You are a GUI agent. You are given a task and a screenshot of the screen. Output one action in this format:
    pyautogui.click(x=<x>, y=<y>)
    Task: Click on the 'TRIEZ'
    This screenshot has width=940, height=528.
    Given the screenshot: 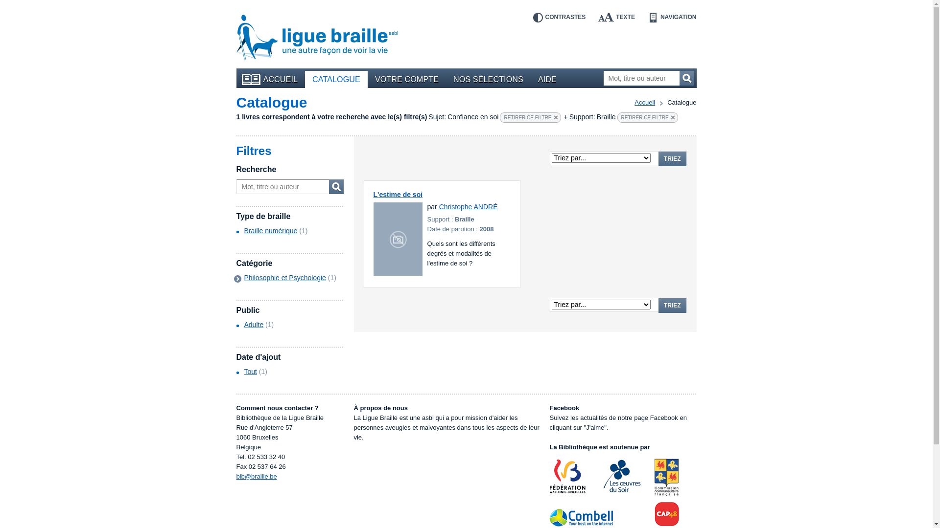 What is the action you would take?
    pyautogui.click(x=672, y=305)
    